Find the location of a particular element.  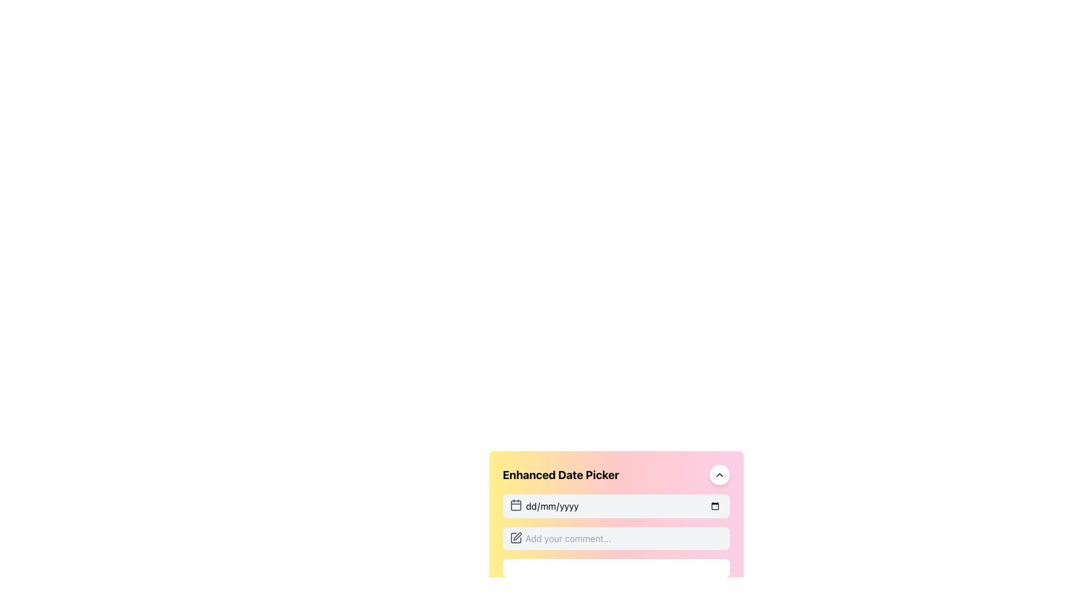

the upward-pointing chevron icon inside the white circular button in the top-right corner of the 'Enhanced Date Picker' panel is located at coordinates (719, 475).